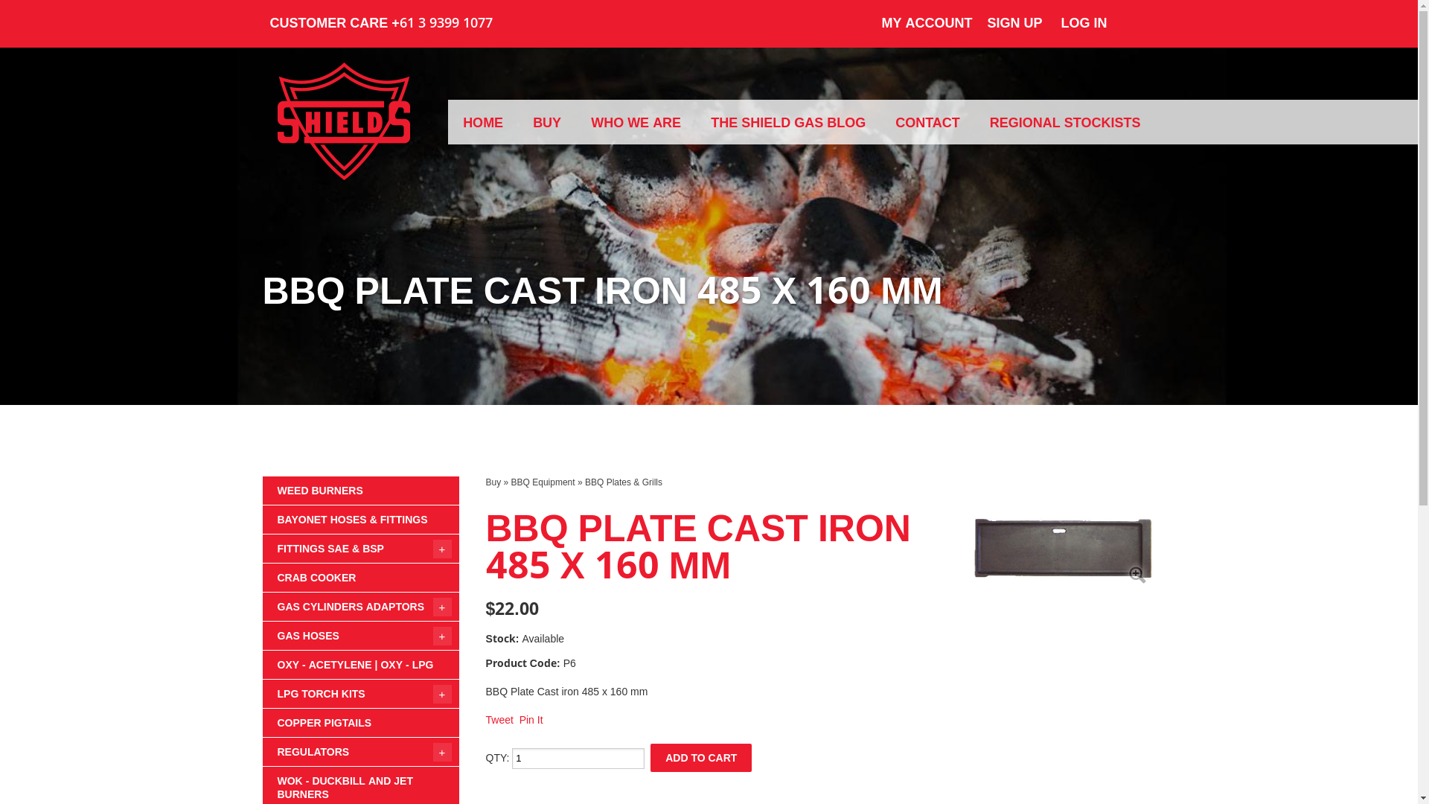 The height and width of the screenshot is (804, 1429). What do you see at coordinates (261, 126) in the screenshot?
I see `'James Shields & Co'` at bounding box center [261, 126].